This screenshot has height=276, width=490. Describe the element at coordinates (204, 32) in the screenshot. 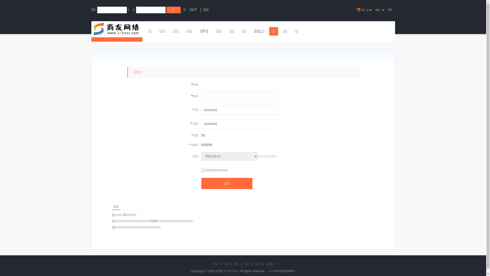

I see `'VPS'` at that location.